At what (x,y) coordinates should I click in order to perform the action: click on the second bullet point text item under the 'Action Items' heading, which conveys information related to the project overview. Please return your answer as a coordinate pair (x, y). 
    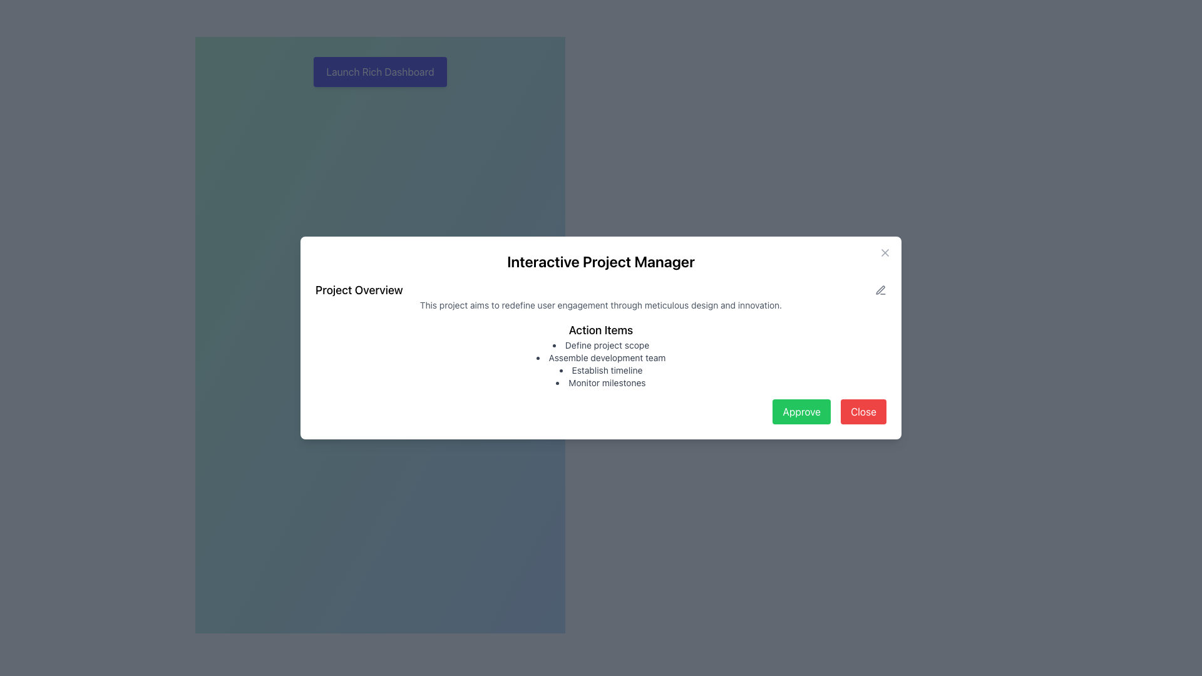
    Looking at the image, I should click on (601, 357).